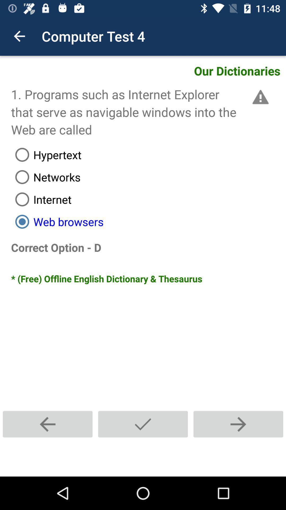 The height and width of the screenshot is (510, 286). Describe the element at coordinates (238, 424) in the screenshot. I see `the add icon` at that location.